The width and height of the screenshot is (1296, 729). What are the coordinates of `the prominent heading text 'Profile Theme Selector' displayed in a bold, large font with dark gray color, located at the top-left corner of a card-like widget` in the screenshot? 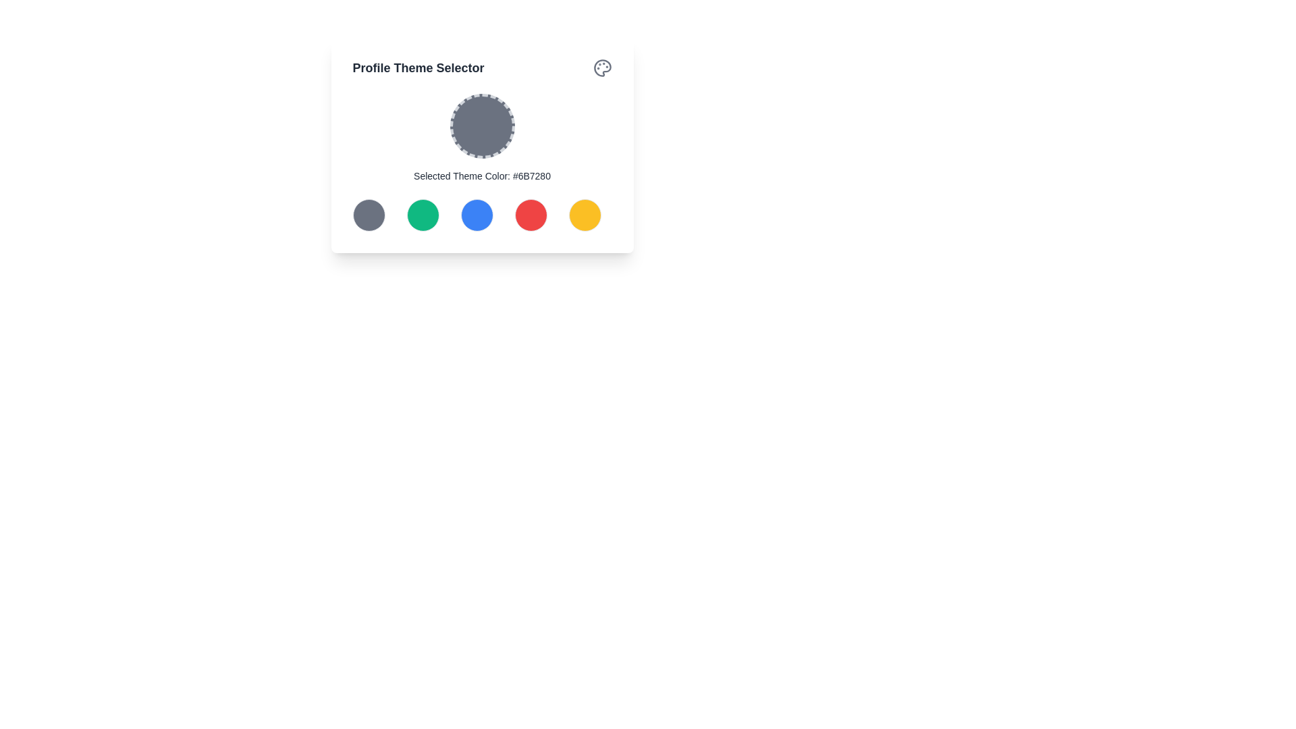 It's located at (417, 67).